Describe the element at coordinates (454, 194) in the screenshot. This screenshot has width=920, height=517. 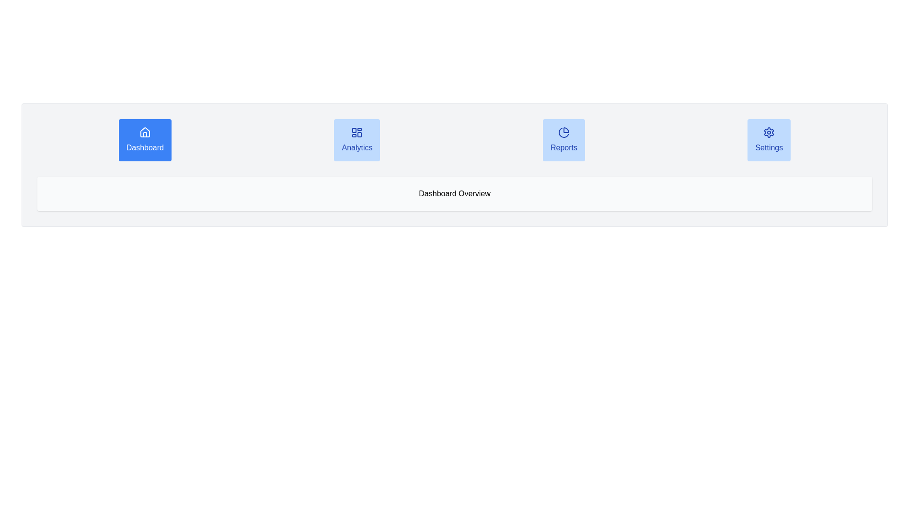
I see `the text label displaying 'Dashboard Overview', which is centrally positioned beneath the navigation items` at that location.